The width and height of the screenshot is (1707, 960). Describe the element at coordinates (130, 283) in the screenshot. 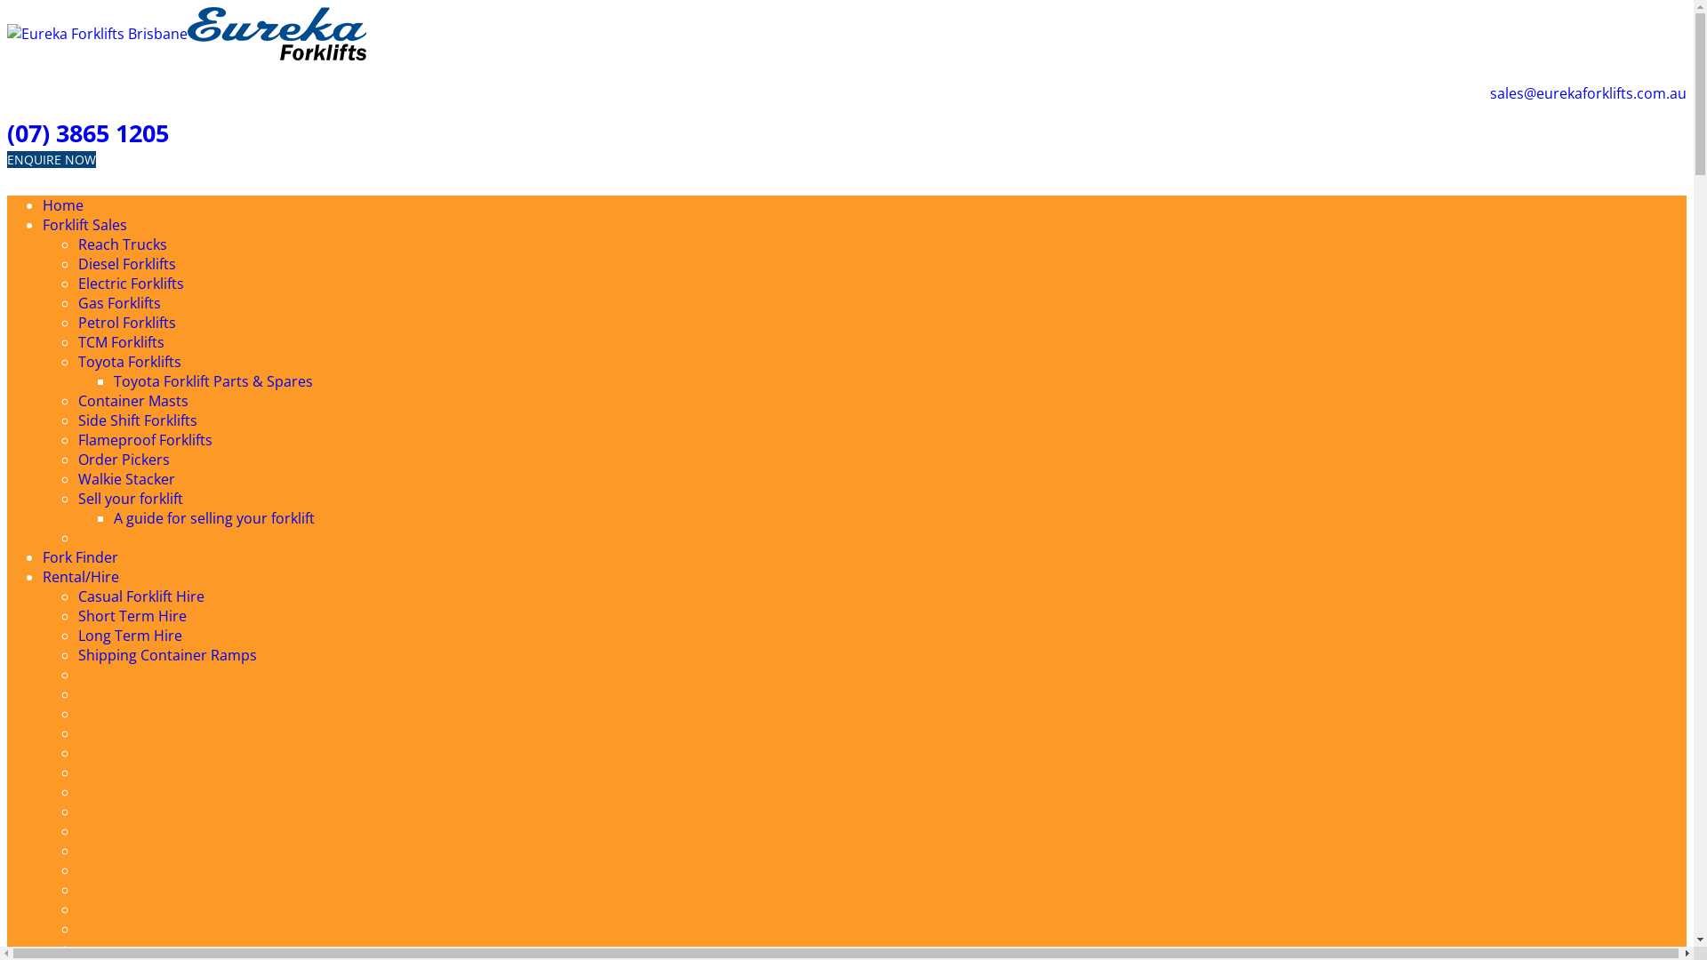

I see `'Electric Forklifts'` at that location.